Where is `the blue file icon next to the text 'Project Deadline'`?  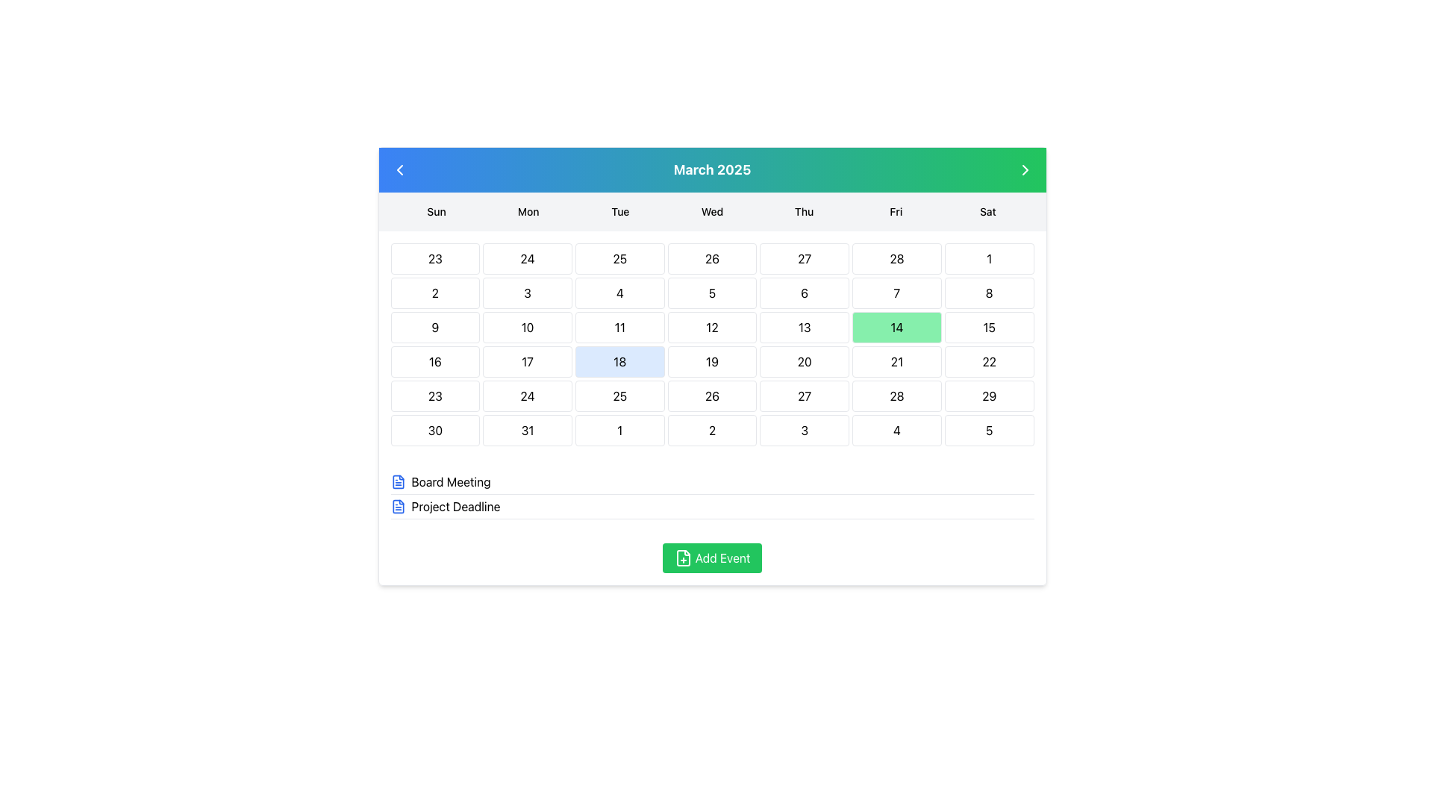 the blue file icon next to the text 'Project Deadline' is located at coordinates (398, 505).